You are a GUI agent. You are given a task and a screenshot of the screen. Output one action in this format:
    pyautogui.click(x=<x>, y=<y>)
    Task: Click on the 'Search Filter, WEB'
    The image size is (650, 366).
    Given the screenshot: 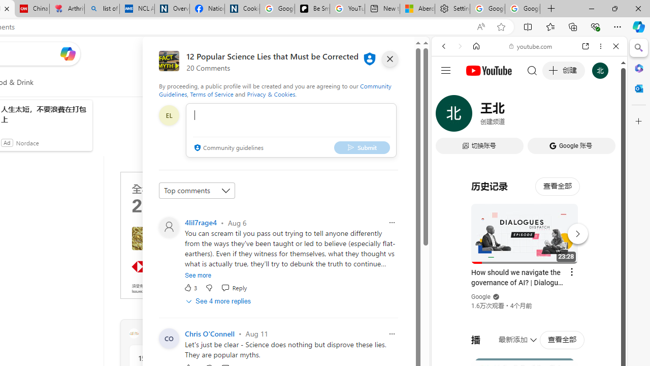 What is the action you would take?
    pyautogui.click(x=447, y=115)
    